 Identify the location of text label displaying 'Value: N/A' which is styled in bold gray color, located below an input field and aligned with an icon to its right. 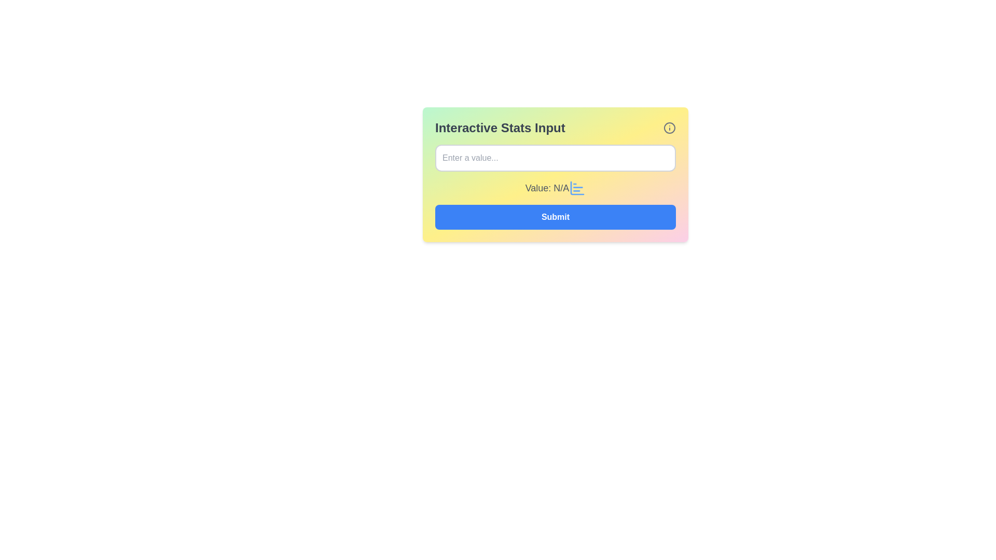
(547, 188).